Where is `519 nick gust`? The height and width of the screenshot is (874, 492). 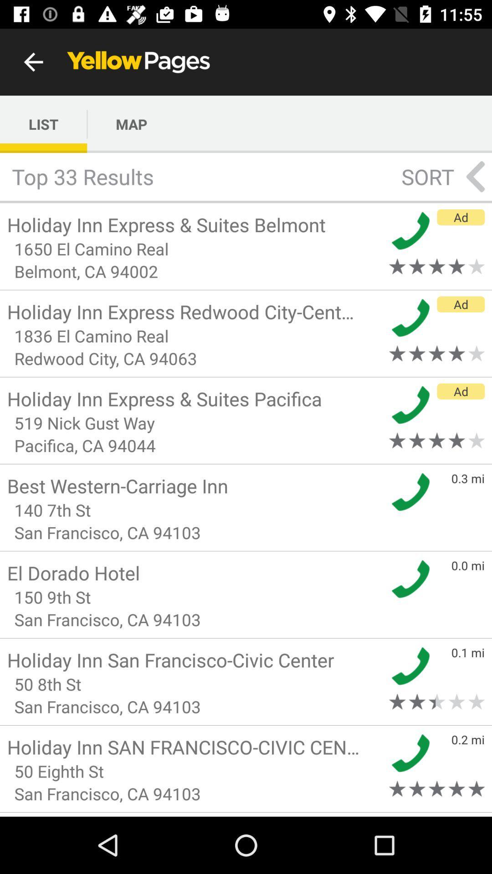 519 nick gust is located at coordinates (195, 422).